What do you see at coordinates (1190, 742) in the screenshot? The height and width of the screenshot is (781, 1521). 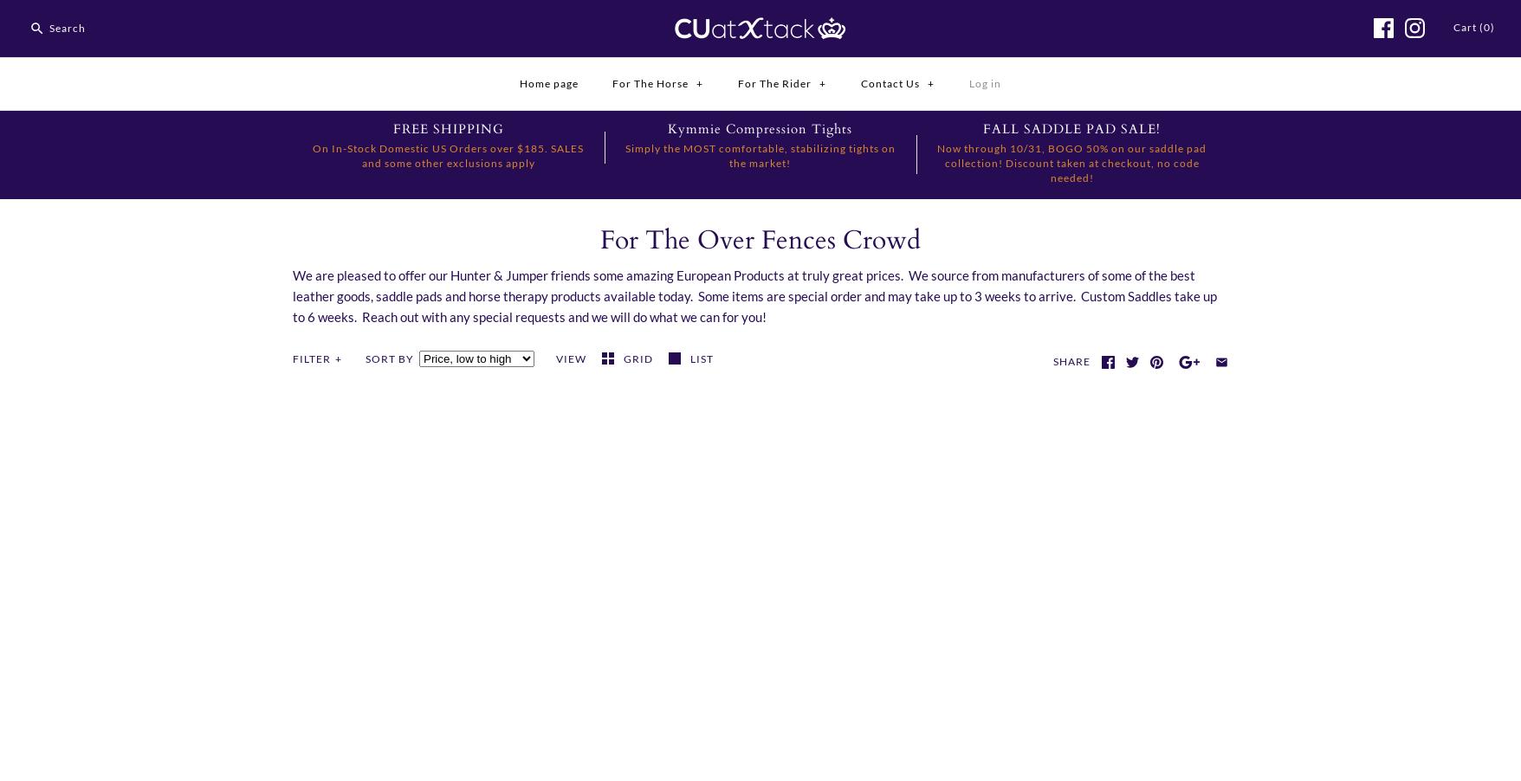 I see `'$31.99'` at bounding box center [1190, 742].